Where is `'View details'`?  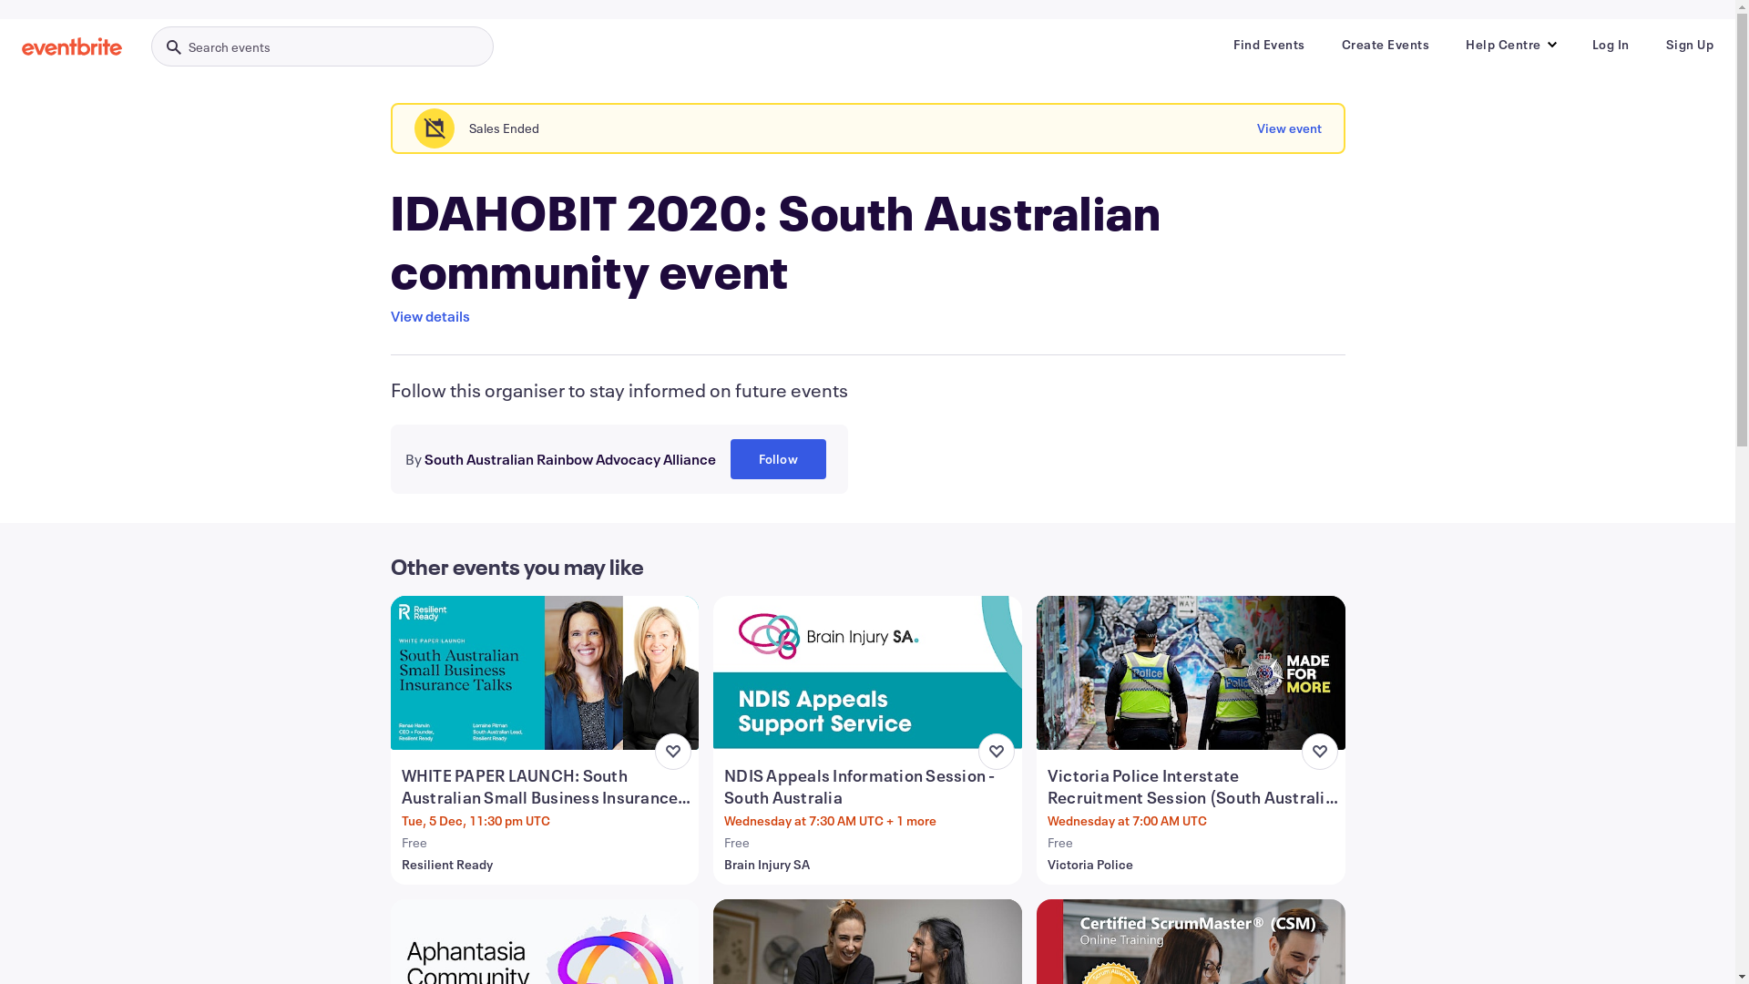 'View details' is located at coordinates (428, 315).